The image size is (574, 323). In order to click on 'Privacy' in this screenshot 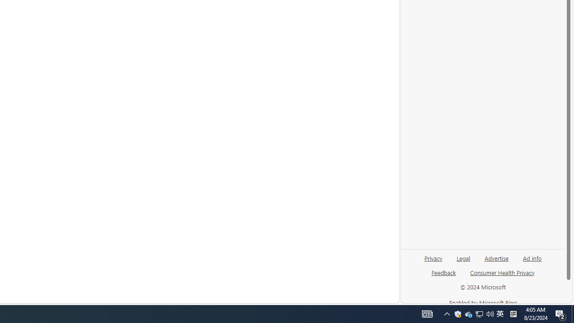, I will do `click(433, 258)`.